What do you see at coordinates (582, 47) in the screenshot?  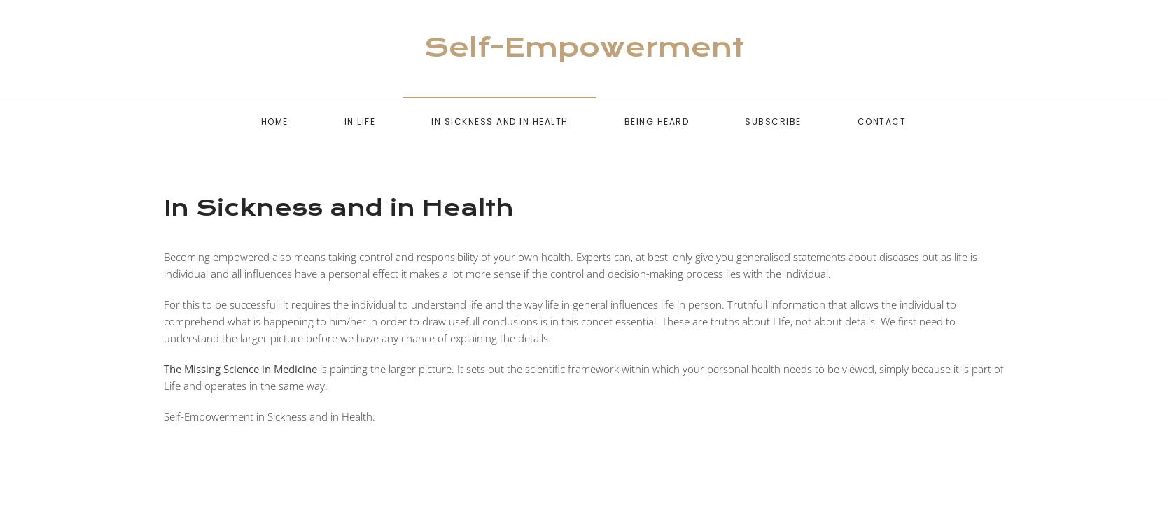 I see `'Self-Empowerment'` at bounding box center [582, 47].